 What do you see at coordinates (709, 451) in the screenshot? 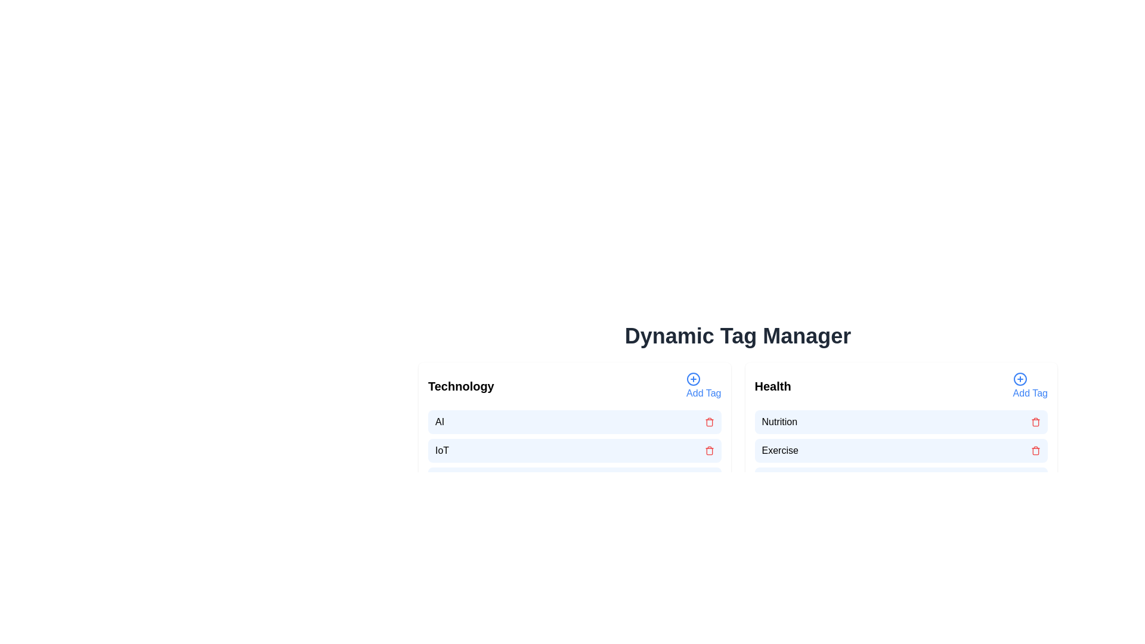
I see `the delete icon button located at the far right of the 'IoT' row under the 'Technology' category to visually highlight it` at bounding box center [709, 451].